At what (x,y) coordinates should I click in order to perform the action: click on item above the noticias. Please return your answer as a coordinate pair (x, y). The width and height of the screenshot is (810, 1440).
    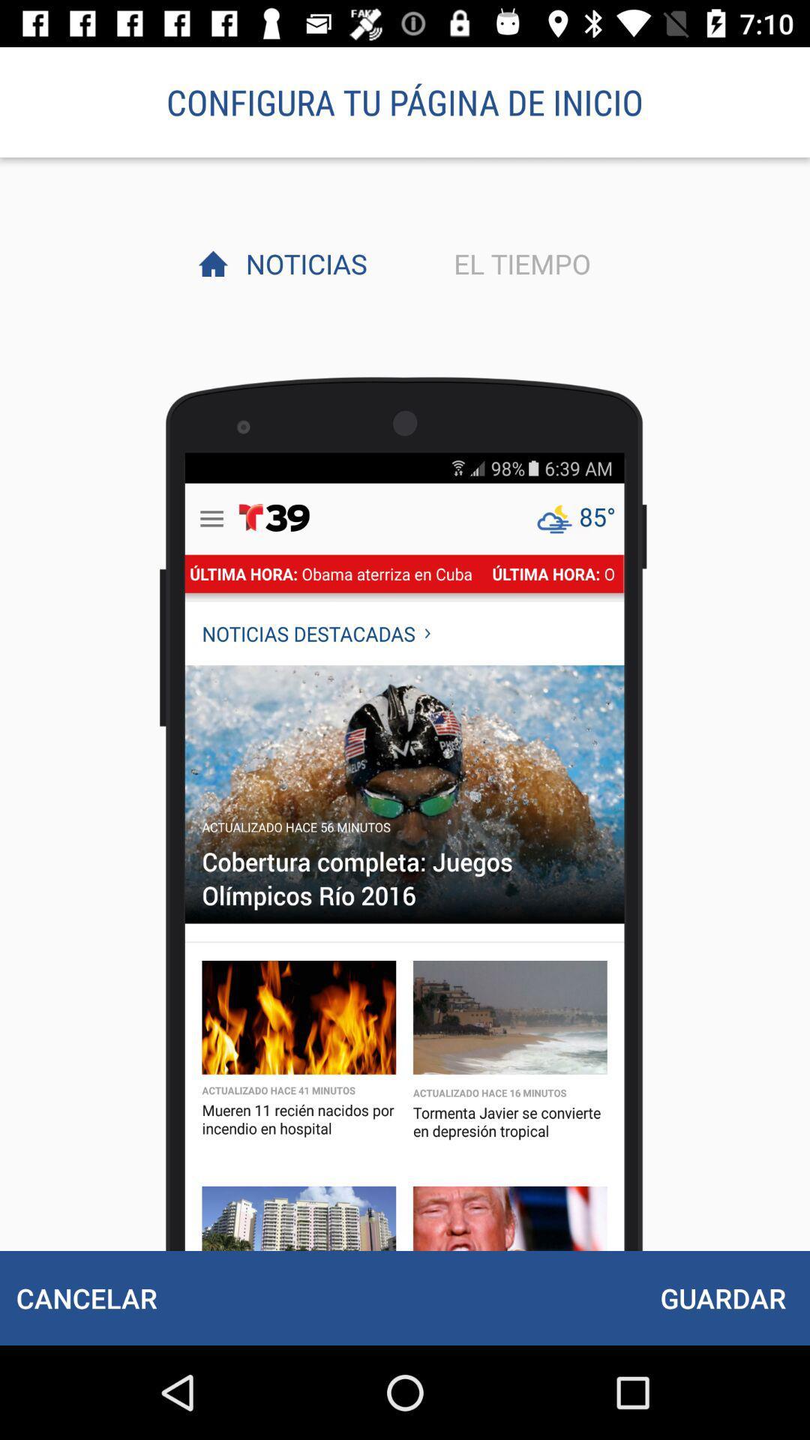
    Looking at the image, I should click on (405, 101).